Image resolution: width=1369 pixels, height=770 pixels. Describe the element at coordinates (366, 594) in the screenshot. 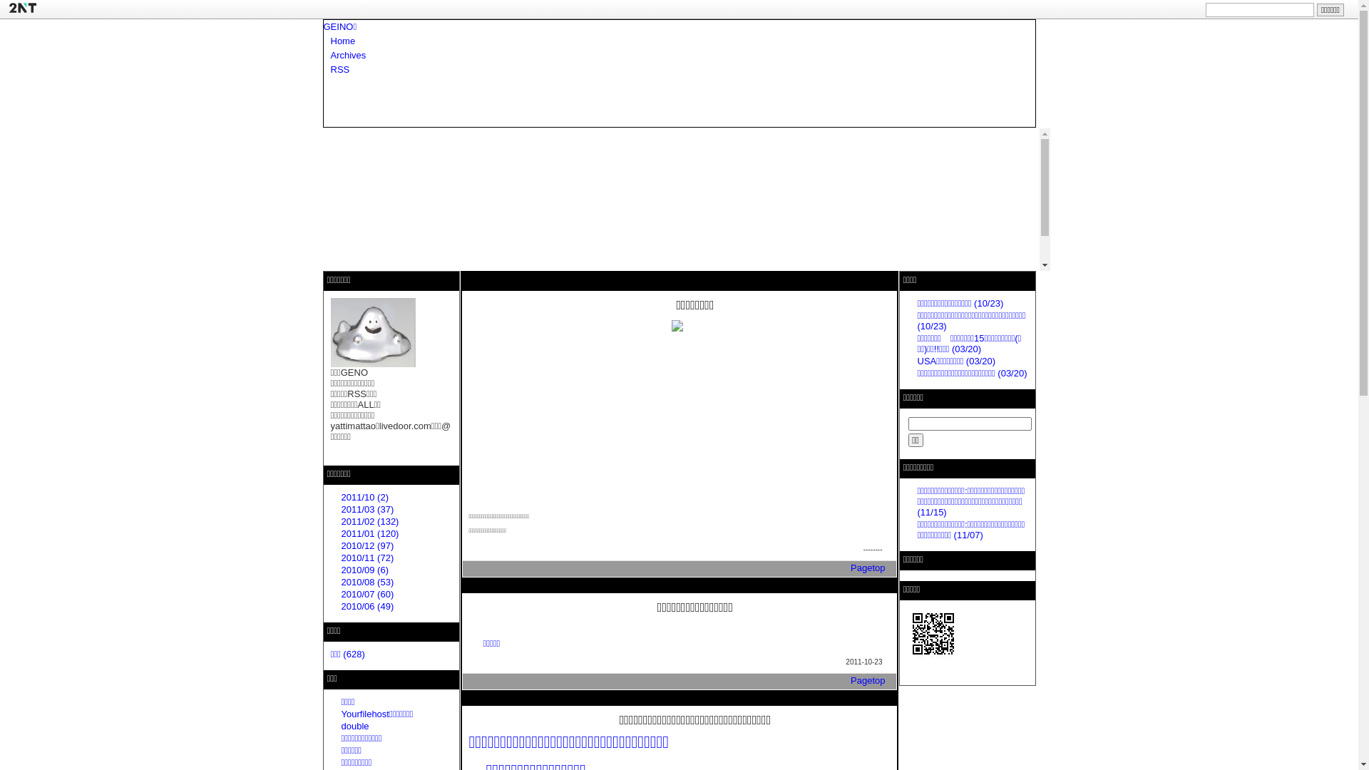

I see `'2010/07 (60)'` at that location.